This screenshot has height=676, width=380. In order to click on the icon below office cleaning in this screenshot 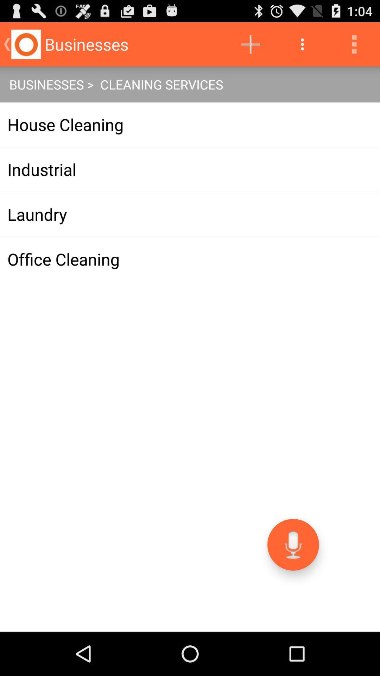, I will do `click(293, 544)`.